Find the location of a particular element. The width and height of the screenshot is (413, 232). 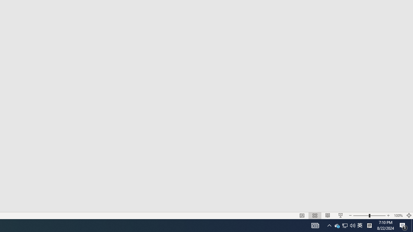

'Zoom Out' is located at coordinates (360, 216).